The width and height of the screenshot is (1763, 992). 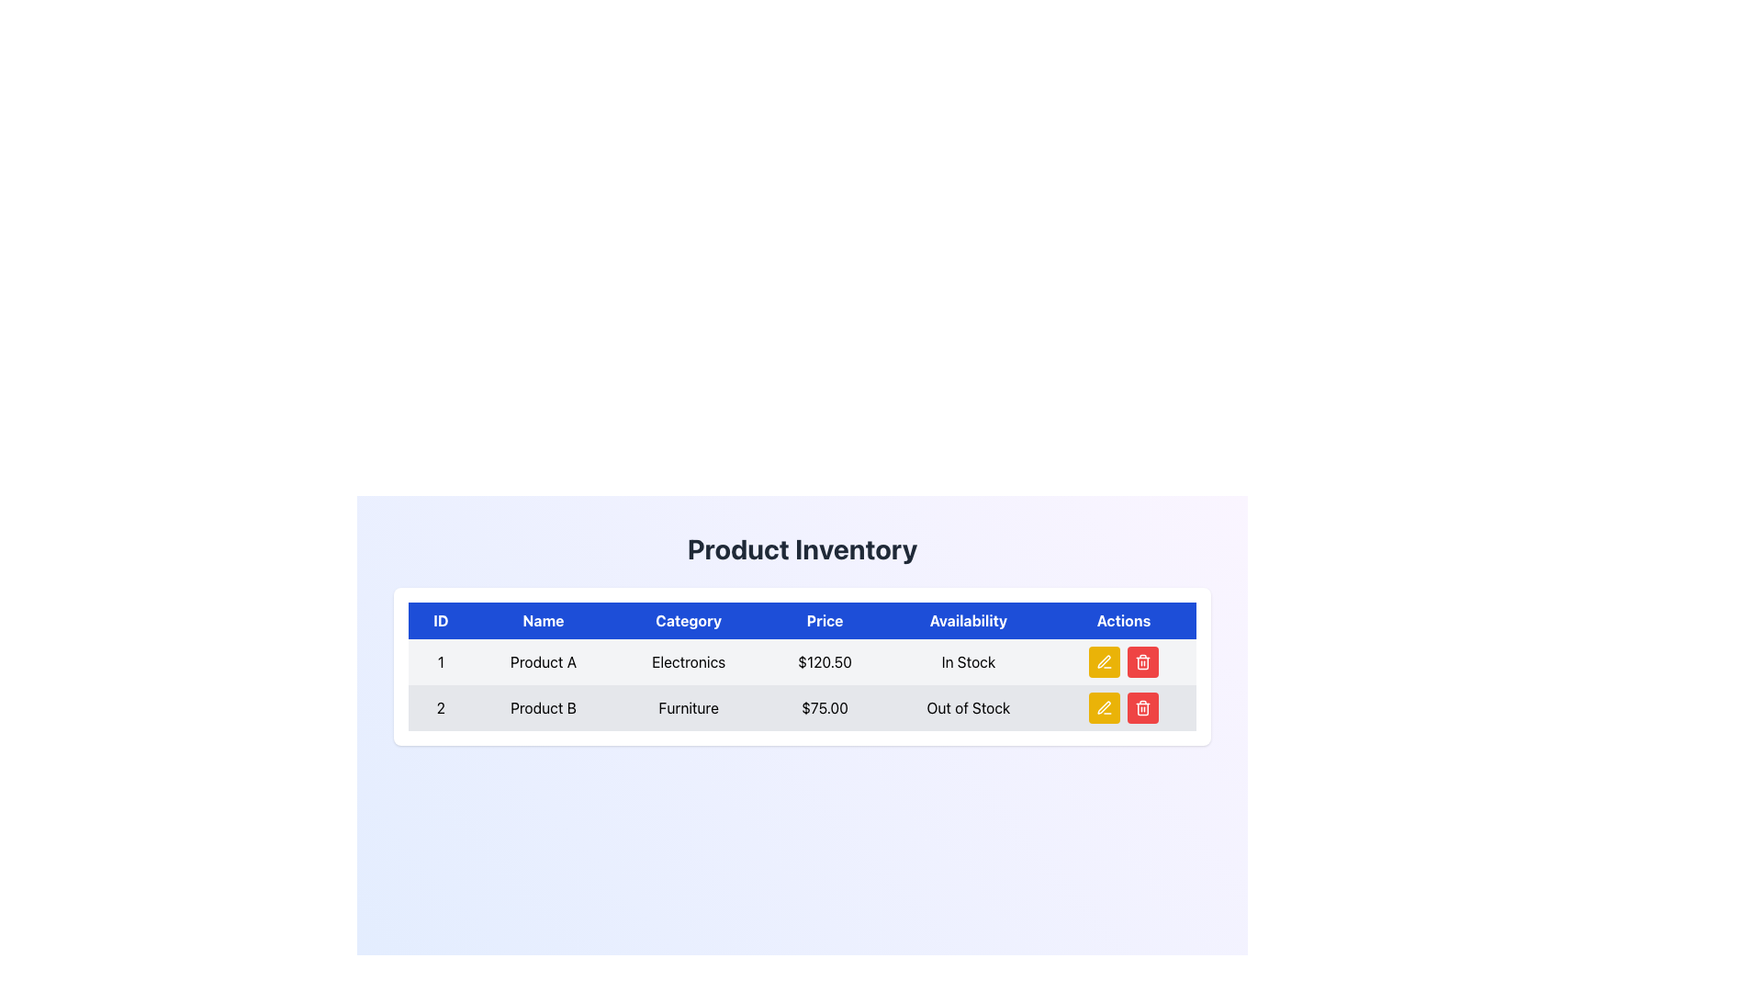 What do you see at coordinates (1141, 707) in the screenshot?
I see `the trash bin icon with a red background in the 'Actions' column of the last row` at bounding box center [1141, 707].